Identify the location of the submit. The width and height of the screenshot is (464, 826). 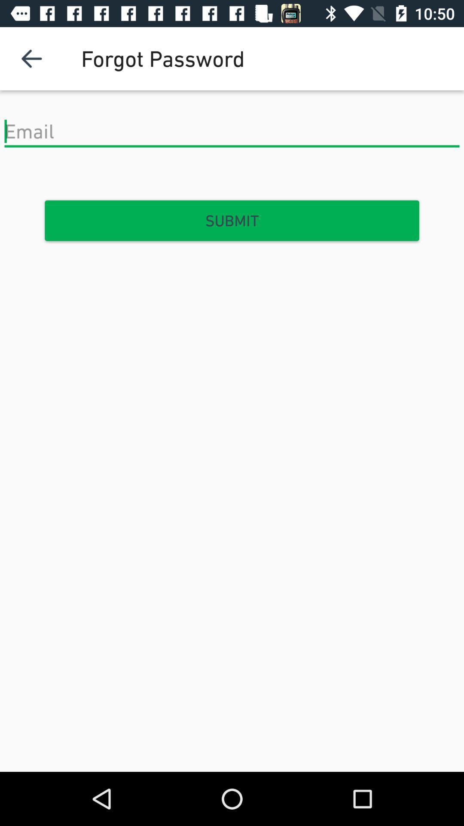
(232, 221).